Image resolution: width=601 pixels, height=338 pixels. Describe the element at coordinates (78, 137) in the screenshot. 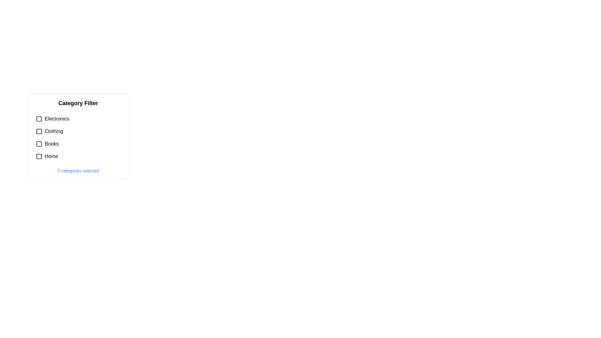

I see `the checkbox in the Checkbox group associated with the 'Electronics', 'Clothing', 'Books', and 'Home' options` at that location.